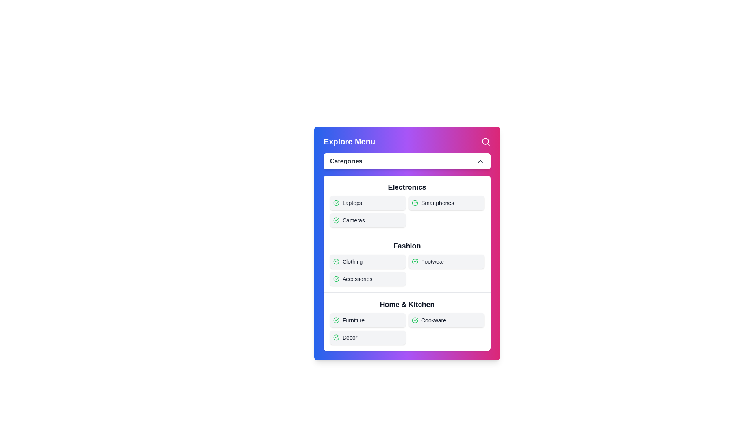 This screenshot has height=425, width=756. I want to click on the 'Cameras' button in the 'Electronics' category, so click(367, 220).